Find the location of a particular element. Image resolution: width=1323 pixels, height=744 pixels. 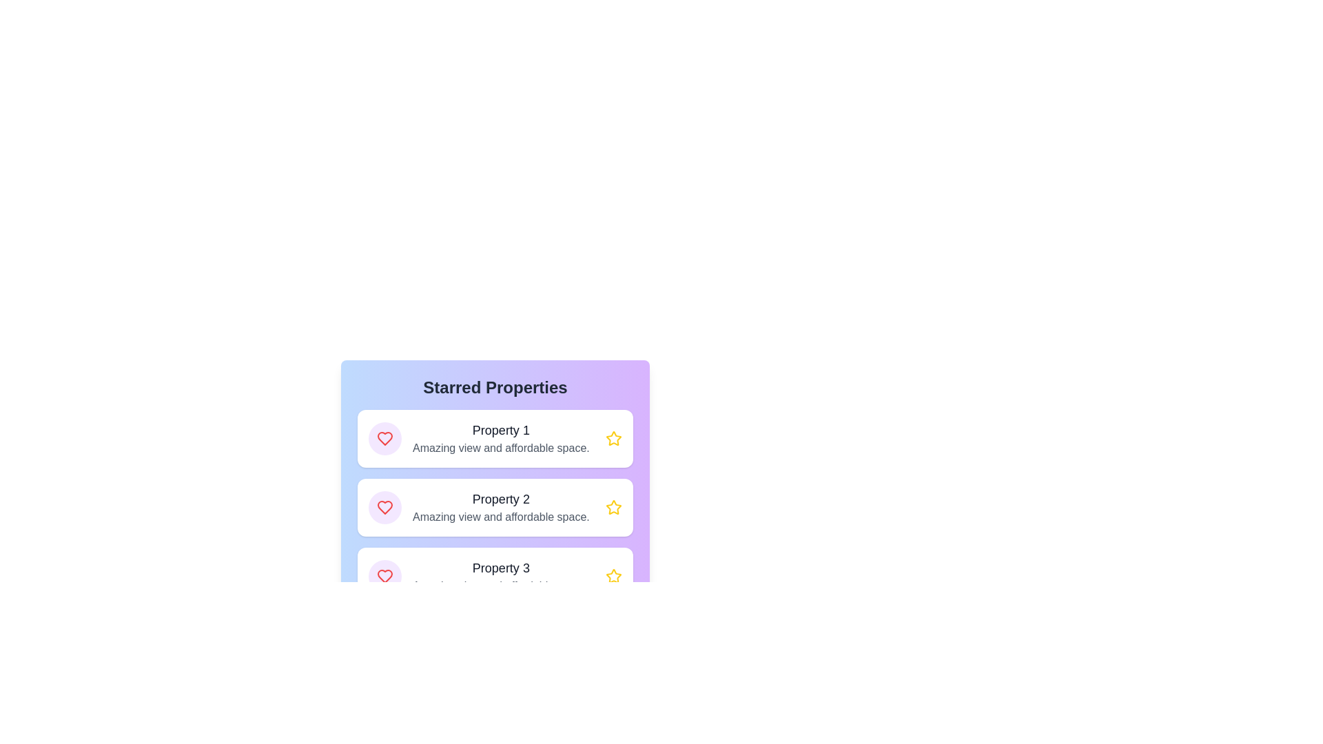

the red heart-shaped icon with a stroke design, located in the second row of the list, to the left of the text 'Property 2' is located at coordinates (384, 507).